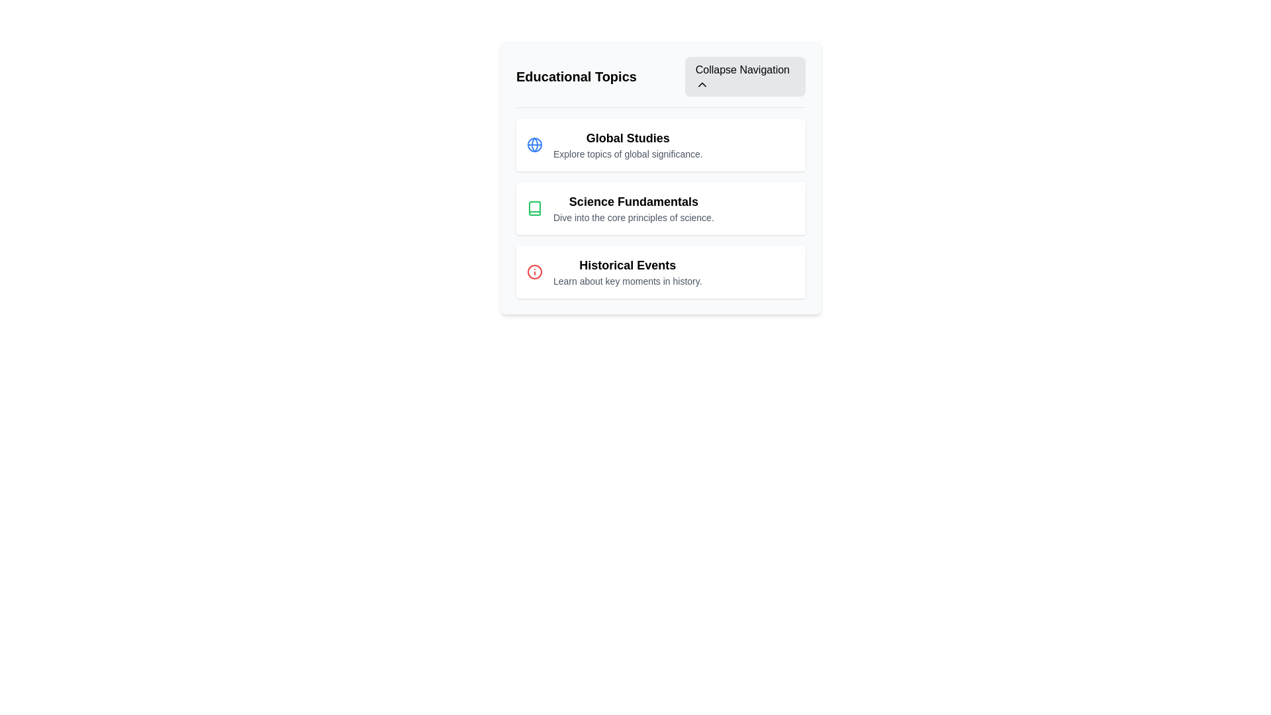  I want to click on the green book-shaped icon in the navigation menu that is located to the left of the 'Science Fundamentals' text to associate it with the adjacent text, so click(534, 209).